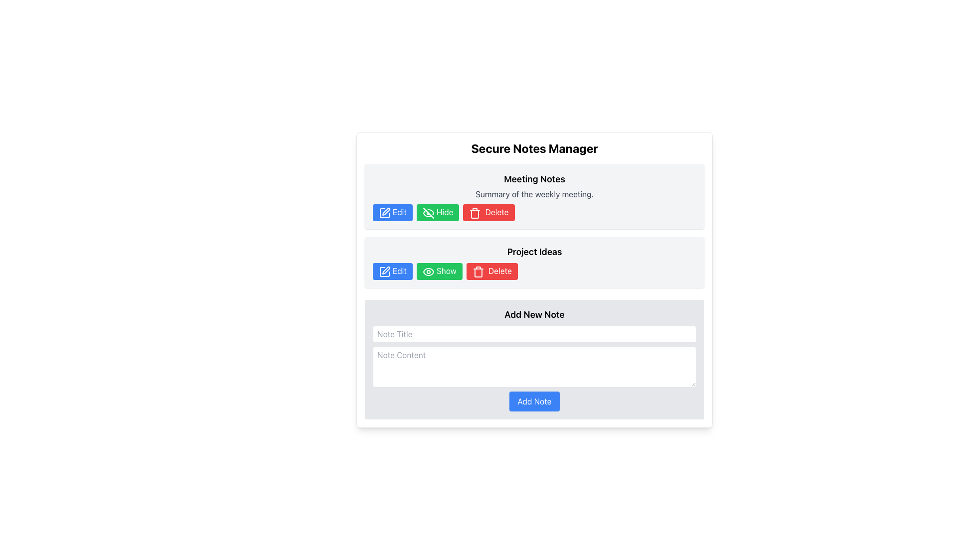 Image resolution: width=957 pixels, height=538 pixels. What do you see at coordinates (534, 196) in the screenshot?
I see `title and summary of the note summary component located just above the 'Project Ideas' section in the Secure Notes Manager interface` at bounding box center [534, 196].